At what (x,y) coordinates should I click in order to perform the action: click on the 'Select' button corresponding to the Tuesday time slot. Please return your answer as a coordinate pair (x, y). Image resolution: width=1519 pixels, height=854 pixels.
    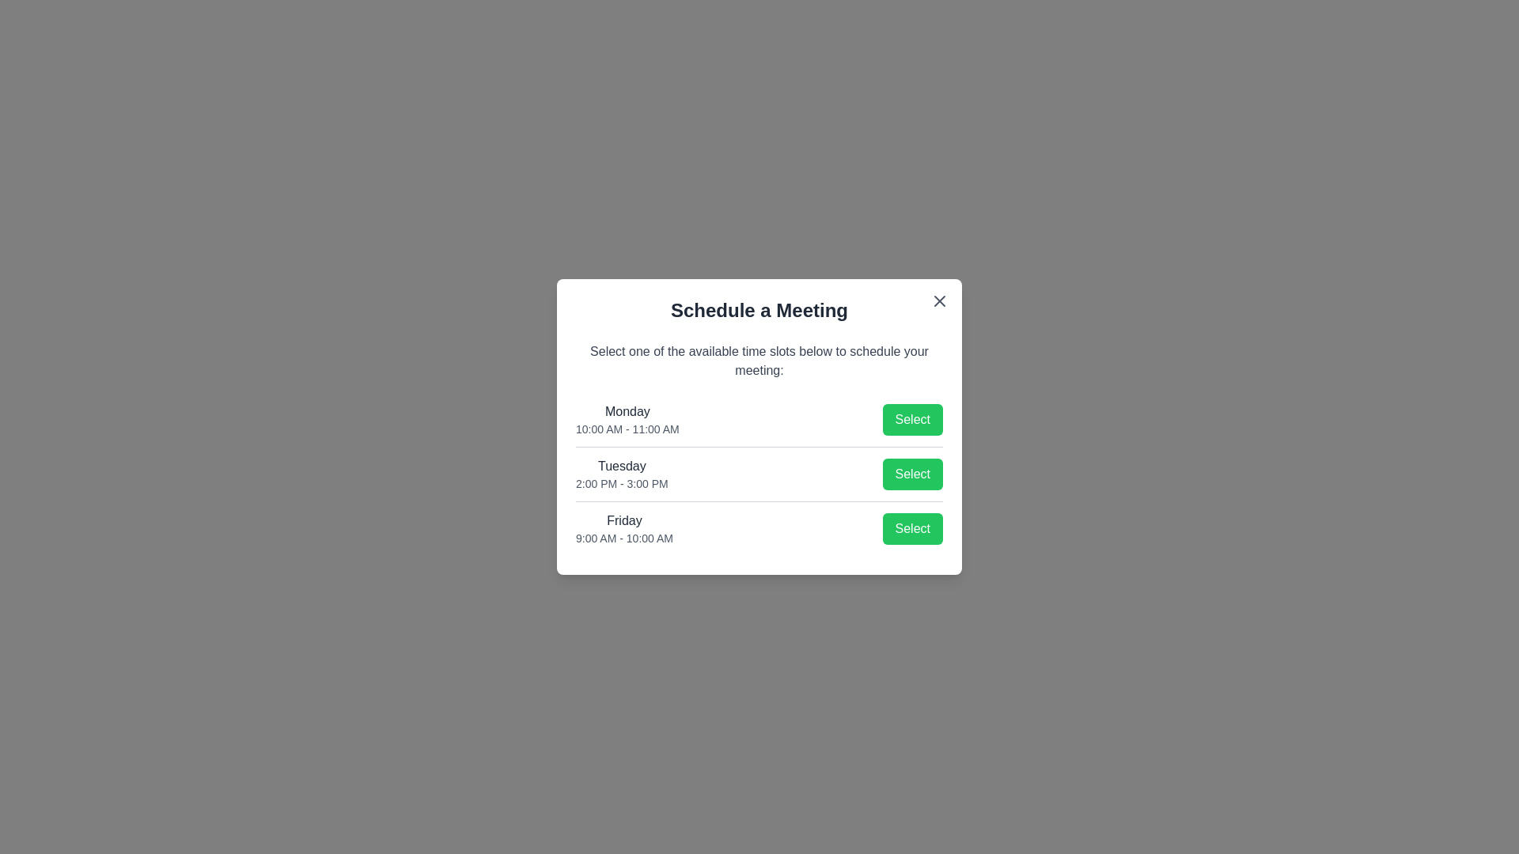
    Looking at the image, I should click on (912, 474).